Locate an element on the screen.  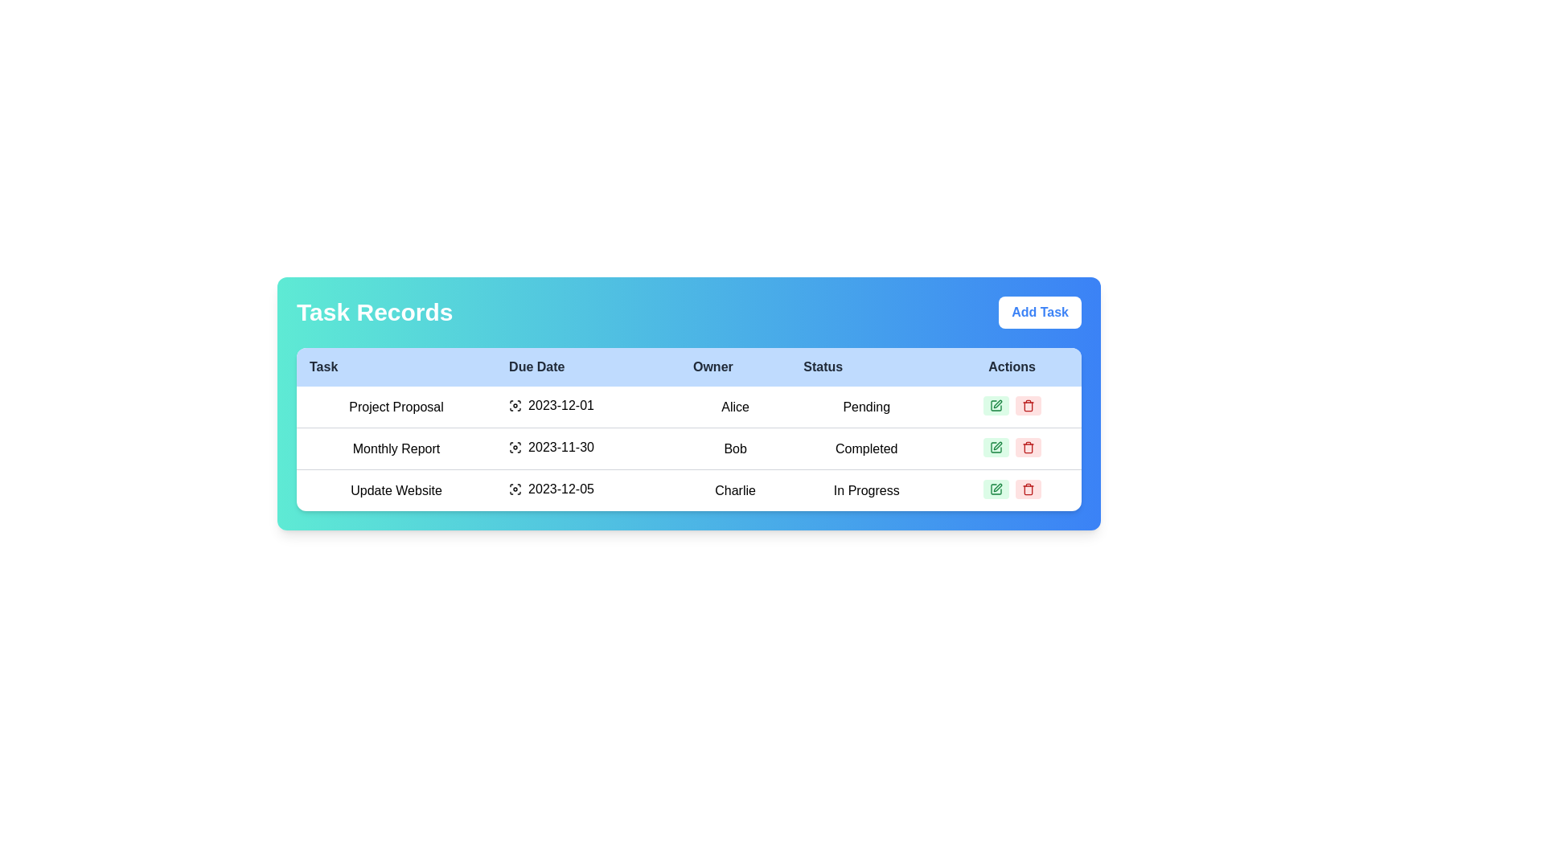
the delete icon button located in the 'Actions' column of the second row in the 'Task Records' section is located at coordinates (1027, 405).